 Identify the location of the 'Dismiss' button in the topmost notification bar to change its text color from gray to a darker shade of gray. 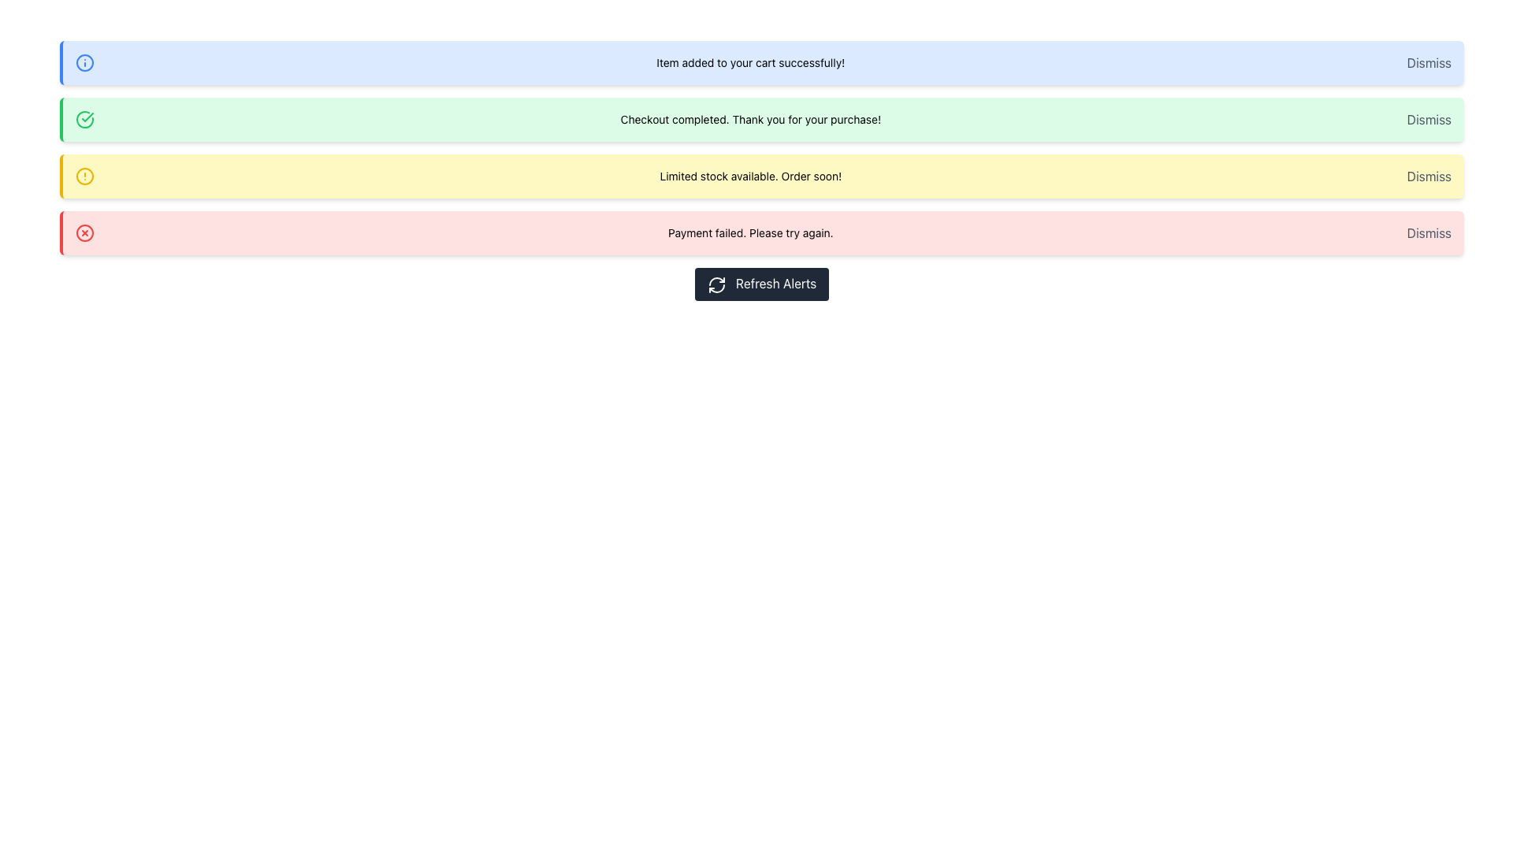
(1429, 62).